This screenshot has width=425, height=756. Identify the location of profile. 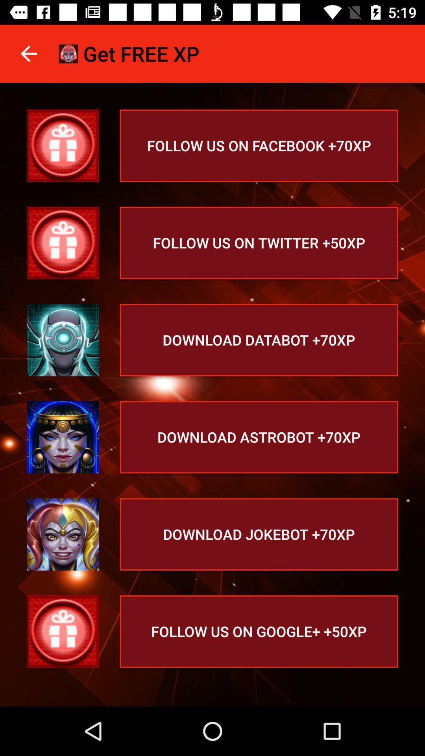
(63, 146).